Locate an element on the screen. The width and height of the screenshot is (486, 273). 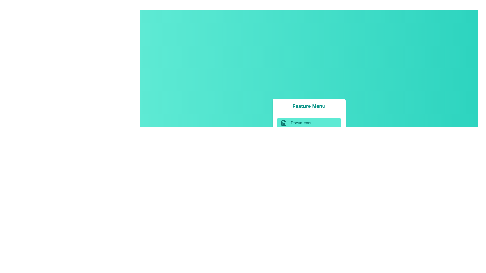
the 'Feature Menu' text label by using the context of the section title, which is centrally positioned in the header section of the UI is located at coordinates (309, 106).